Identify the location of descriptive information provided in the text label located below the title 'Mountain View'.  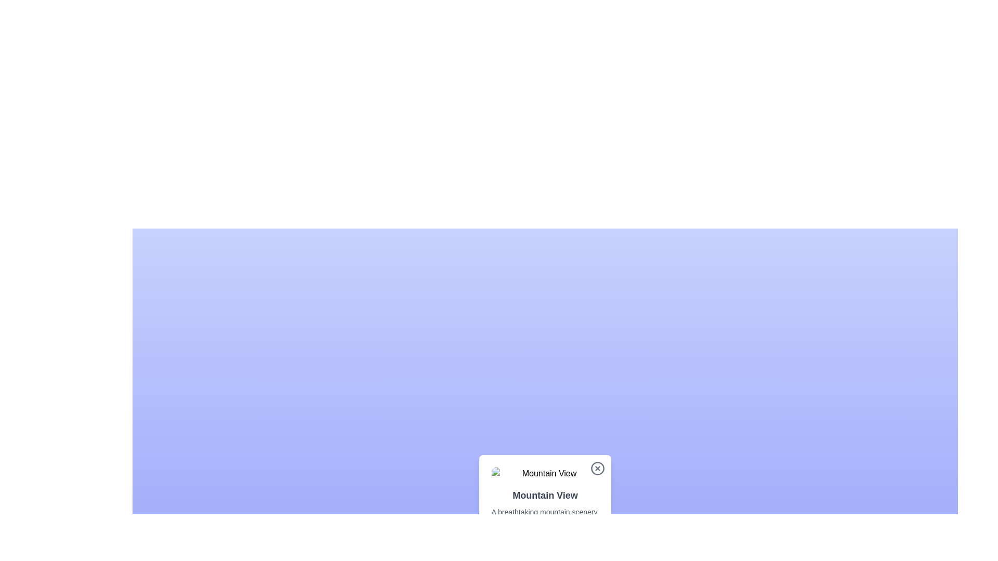
(544, 512).